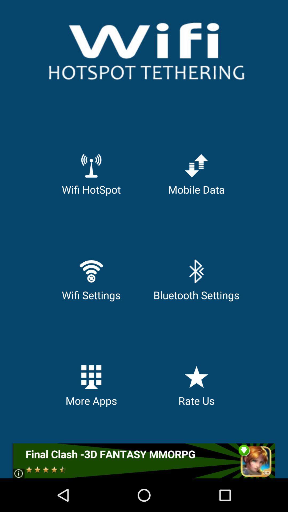 The width and height of the screenshot is (288, 512). Describe the element at coordinates (143, 461) in the screenshot. I see `final clash` at that location.